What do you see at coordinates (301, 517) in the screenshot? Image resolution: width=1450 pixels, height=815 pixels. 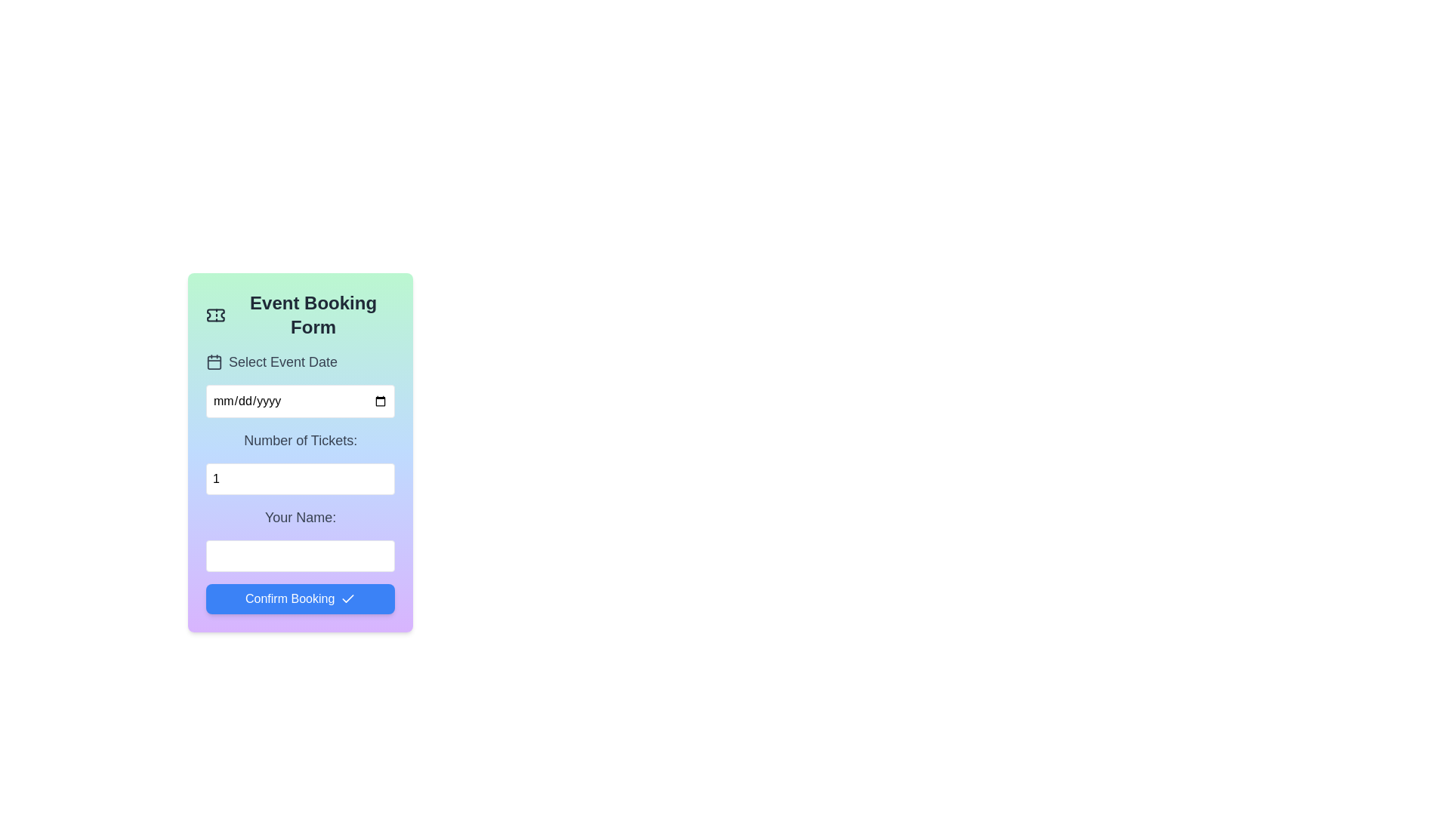 I see `the static text label 'Your Name:' which is displayed in a medium-sized gray font, positioned above the name entry text input field in a light-themed interface` at bounding box center [301, 517].